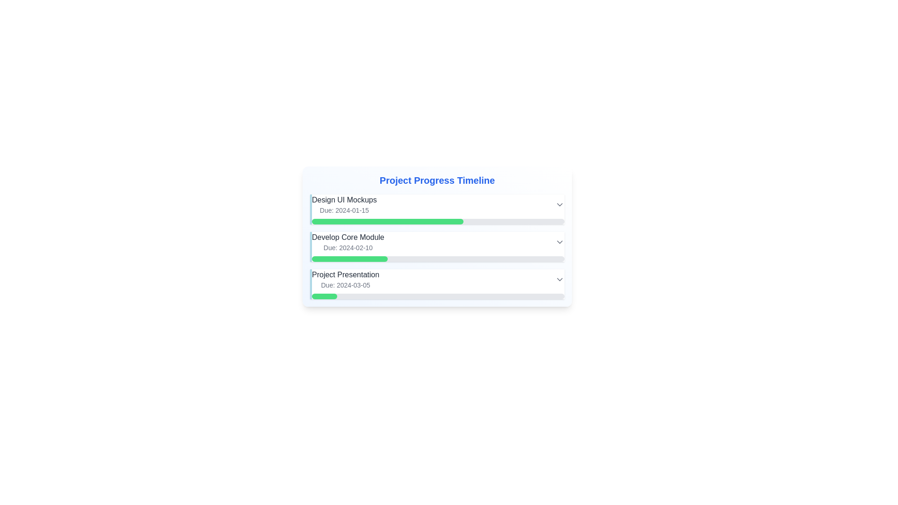 The height and width of the screenshot is (505, 898). Describe the element at coordinates (437, 296) in the screenshot. I see `the progress bar located below the text 'Project Presentation Due: 2024-03-05', which has a gray background and a green-filled section, indicating progress` at that location.